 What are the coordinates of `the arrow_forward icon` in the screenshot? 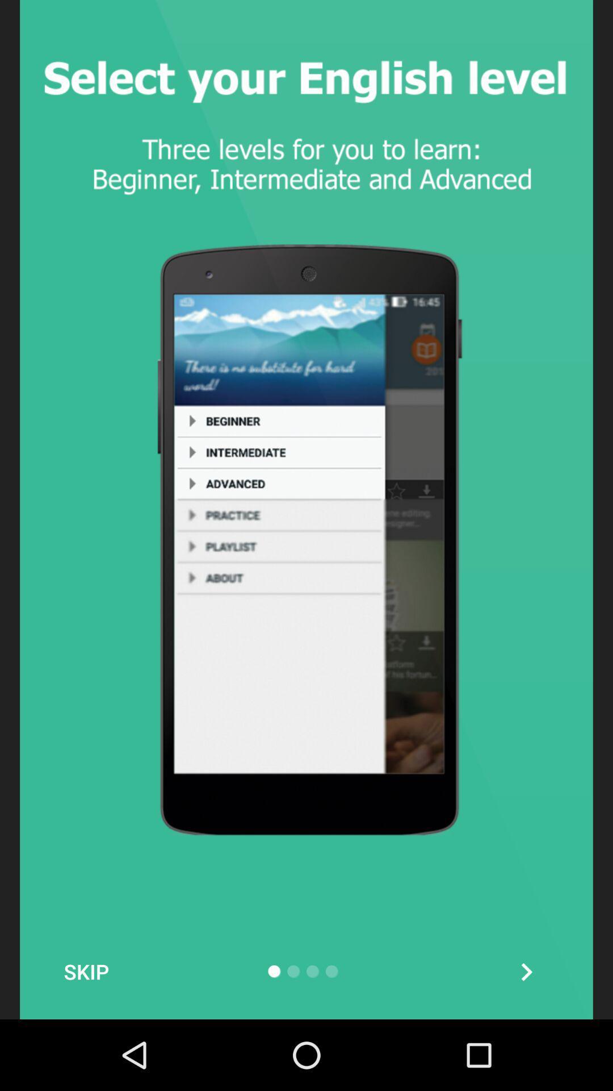 It's located at (526, 971).